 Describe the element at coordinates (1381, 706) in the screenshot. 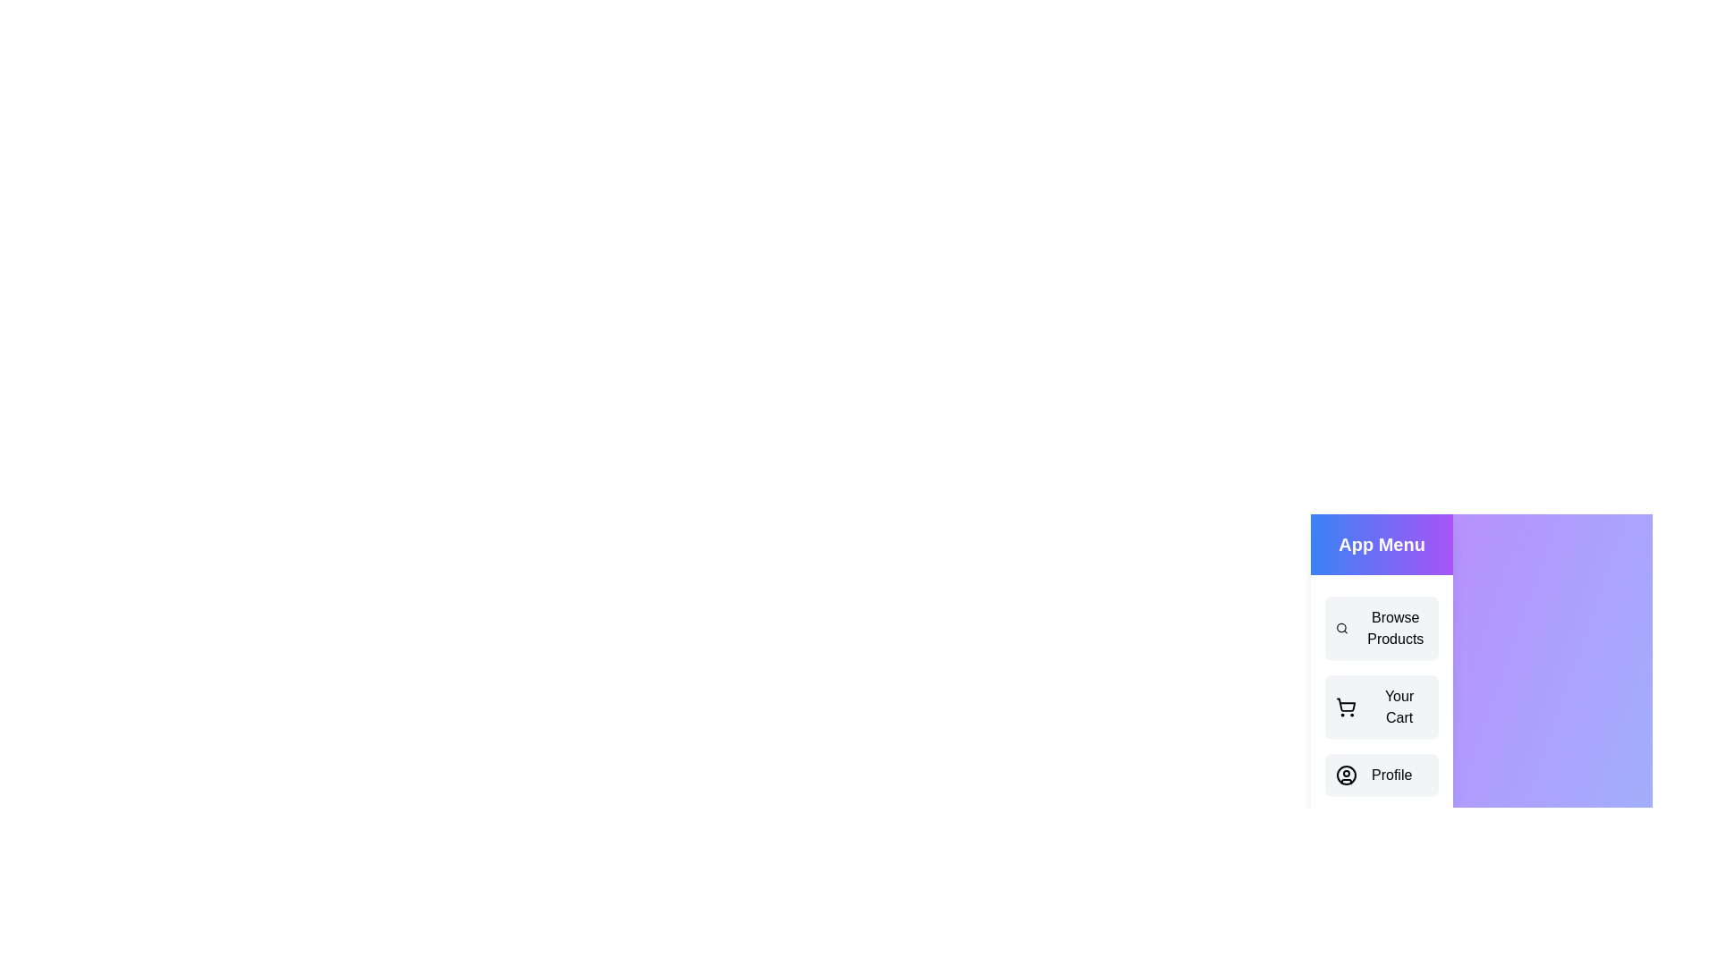

I see `the menu item Your Cart from the drawer` at that location.